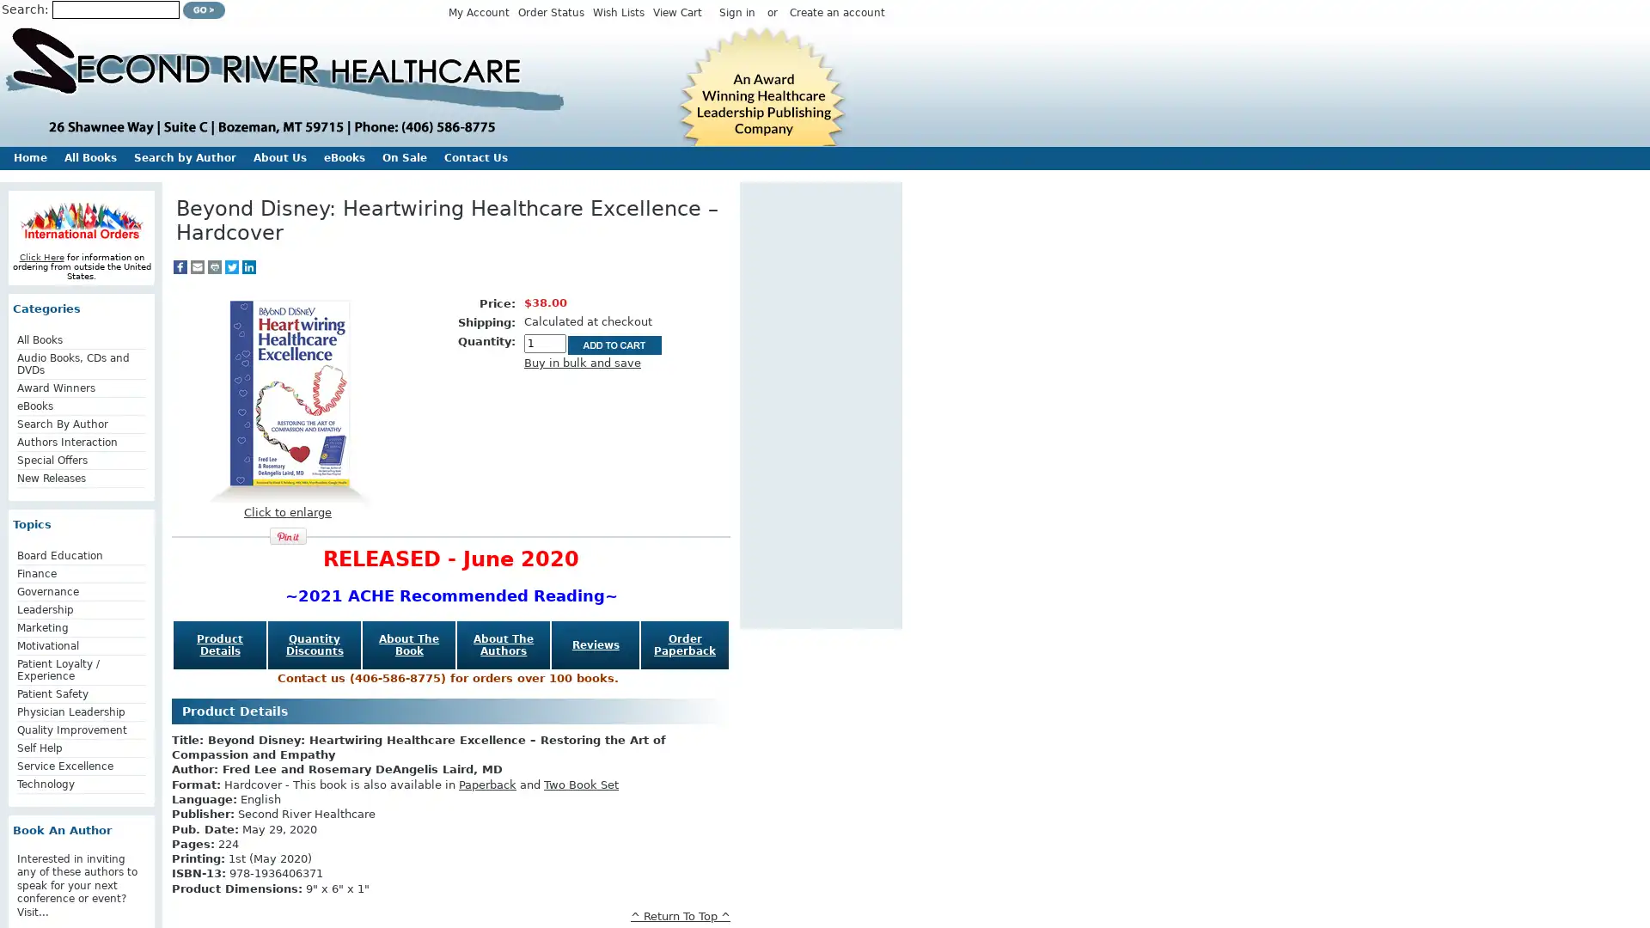 The image size is (1650, 928). What do you see at coordinates (204, 9) in the screenshot?
I see `Submit` at bounding box center [204, 9].